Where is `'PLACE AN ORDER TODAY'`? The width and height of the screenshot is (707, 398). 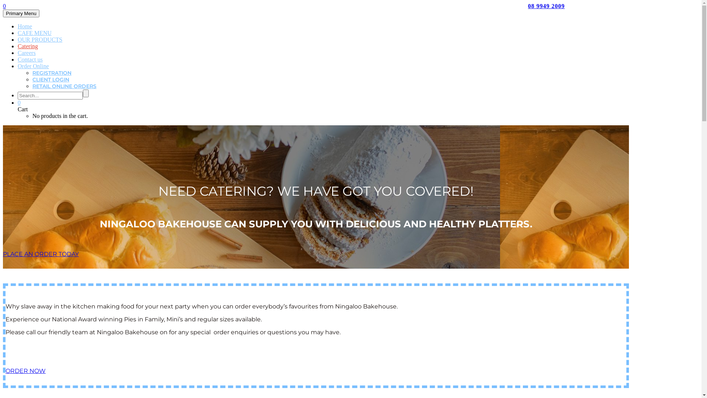
'PLACE AN ORDER TODAY' is located at coordinates (40, 254).